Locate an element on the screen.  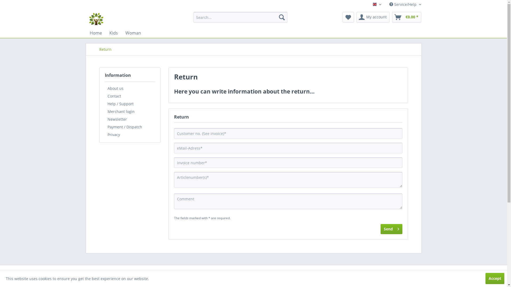
'Privacy' is located at coordinates (105, 134).